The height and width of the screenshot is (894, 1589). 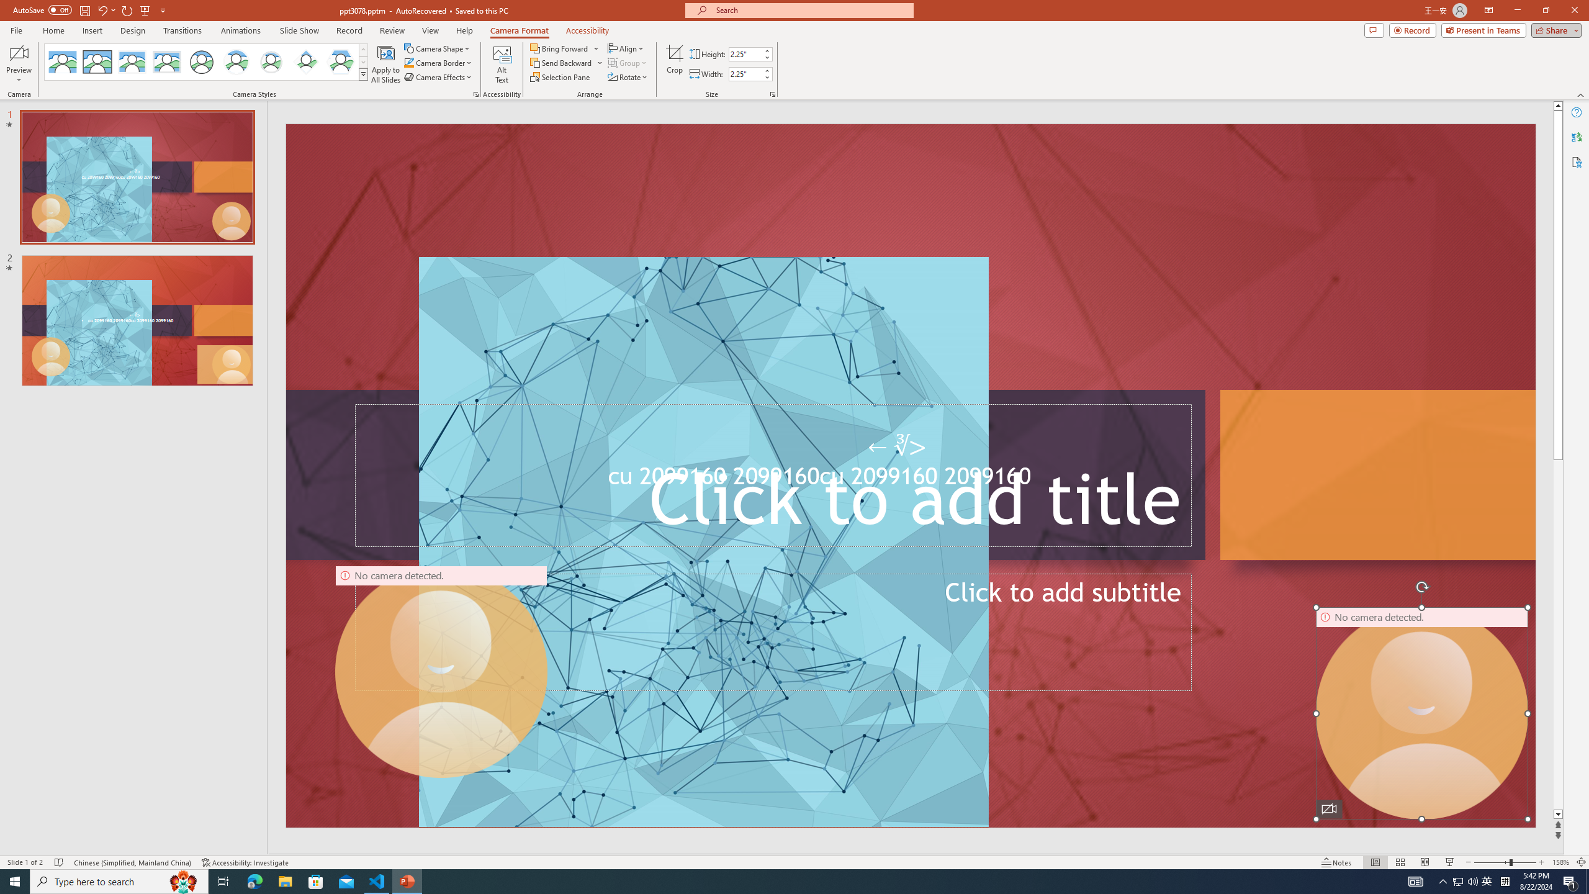 What do you see at coordinates (628, 61) in the screenshot?
I see `'Group'` at bounding box center [628, 61].